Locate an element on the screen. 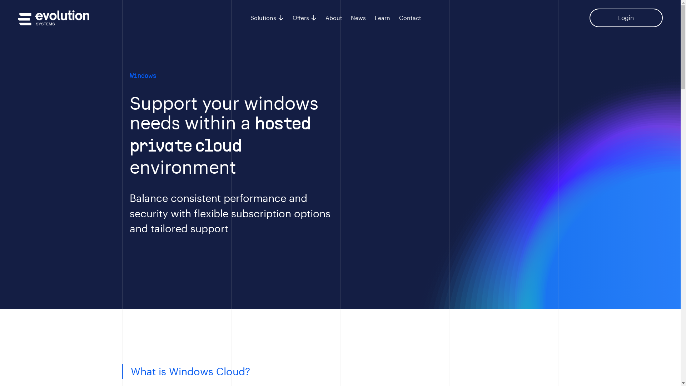 Image resolution: width=686 pixels, height=386 pixels. 'Learn' is located at coordinates (382, 18).